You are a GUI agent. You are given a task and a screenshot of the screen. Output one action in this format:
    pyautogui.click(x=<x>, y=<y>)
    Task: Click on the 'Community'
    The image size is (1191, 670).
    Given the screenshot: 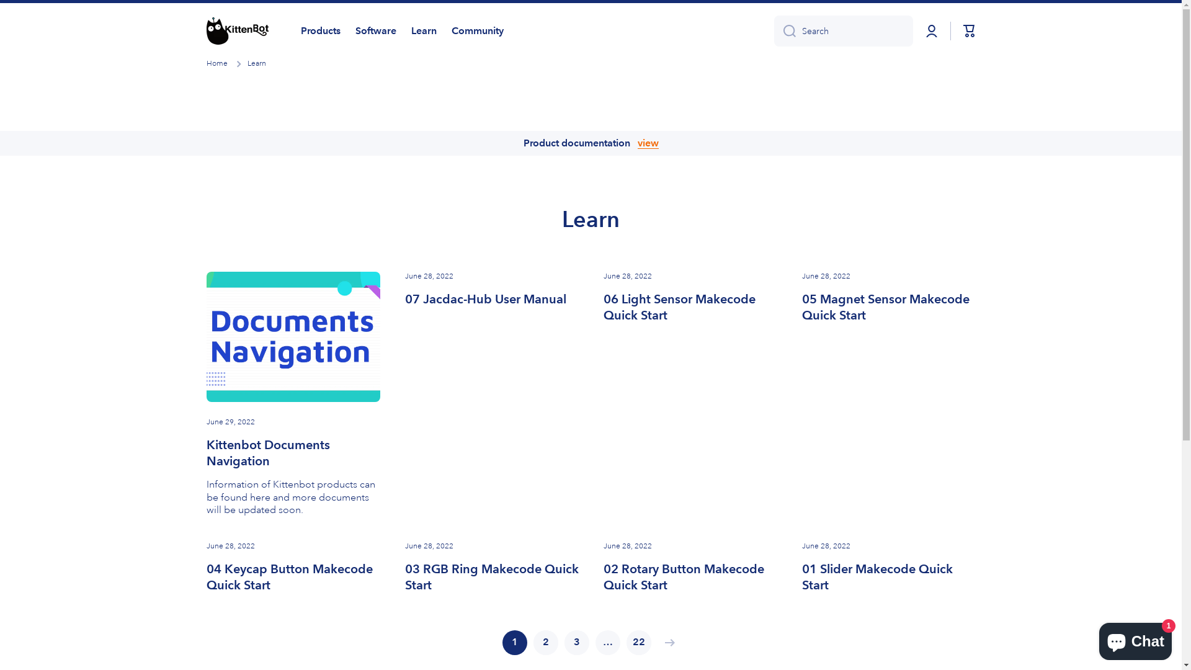 What is the action you would take?
    pyautogui.click(x=476, y=30)
    